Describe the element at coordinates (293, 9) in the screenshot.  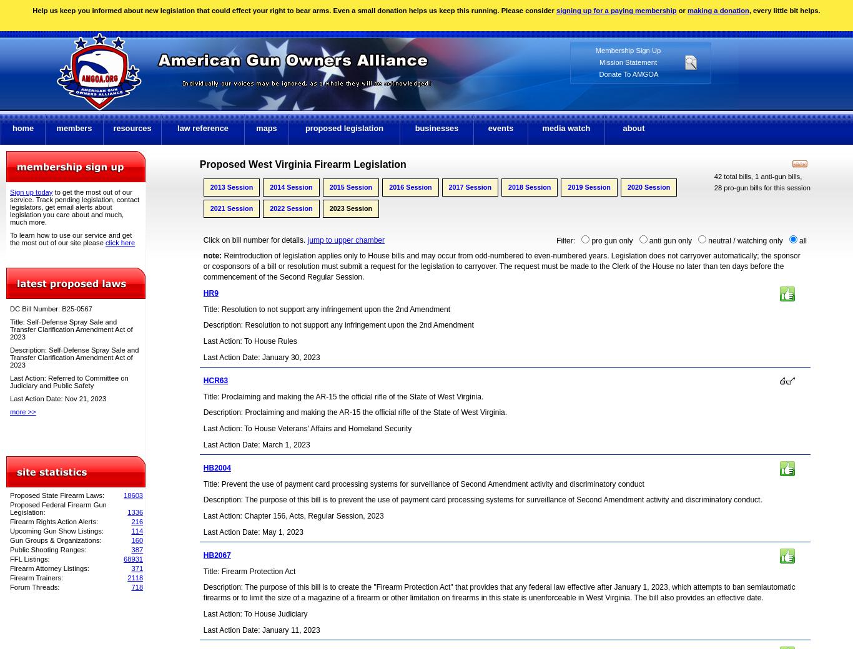
I see `'Help us keep you informed about new legislation that could effect your right to bear arms. Even a small donation helps us keep this running. Please consider'` at that location.